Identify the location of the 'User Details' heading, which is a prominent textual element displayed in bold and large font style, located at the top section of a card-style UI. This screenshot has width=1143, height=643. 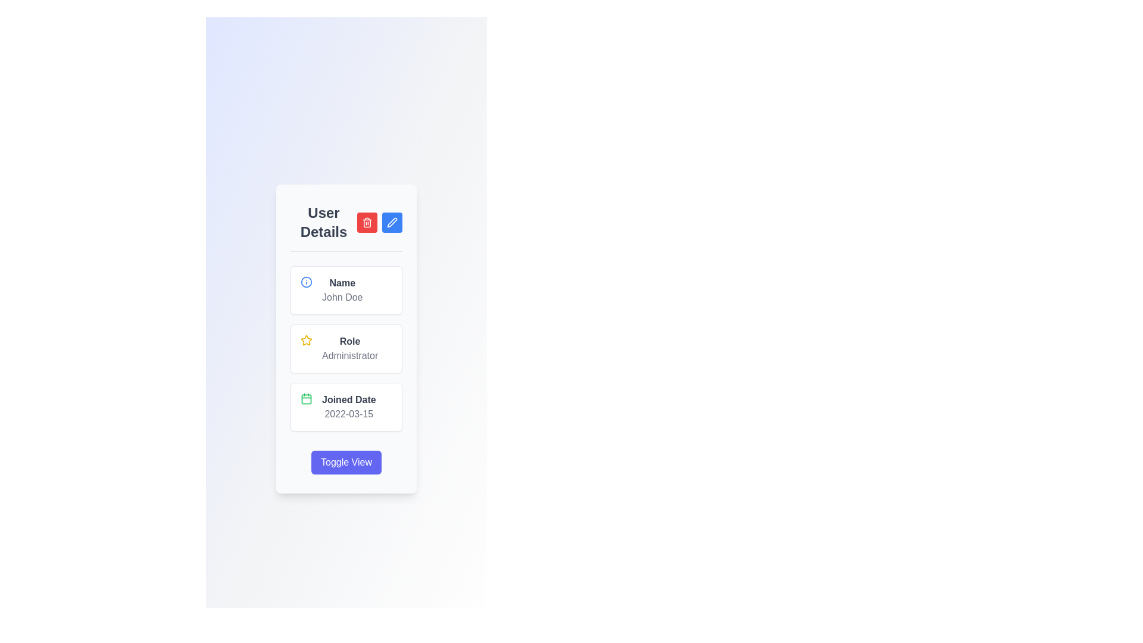
(323, 222).